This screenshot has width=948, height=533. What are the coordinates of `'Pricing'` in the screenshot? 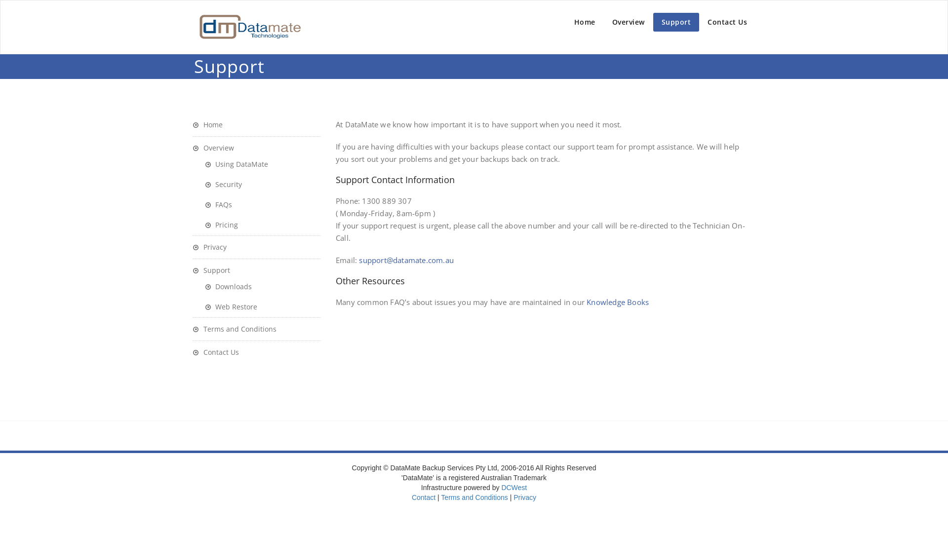 It's located at (221, 225).